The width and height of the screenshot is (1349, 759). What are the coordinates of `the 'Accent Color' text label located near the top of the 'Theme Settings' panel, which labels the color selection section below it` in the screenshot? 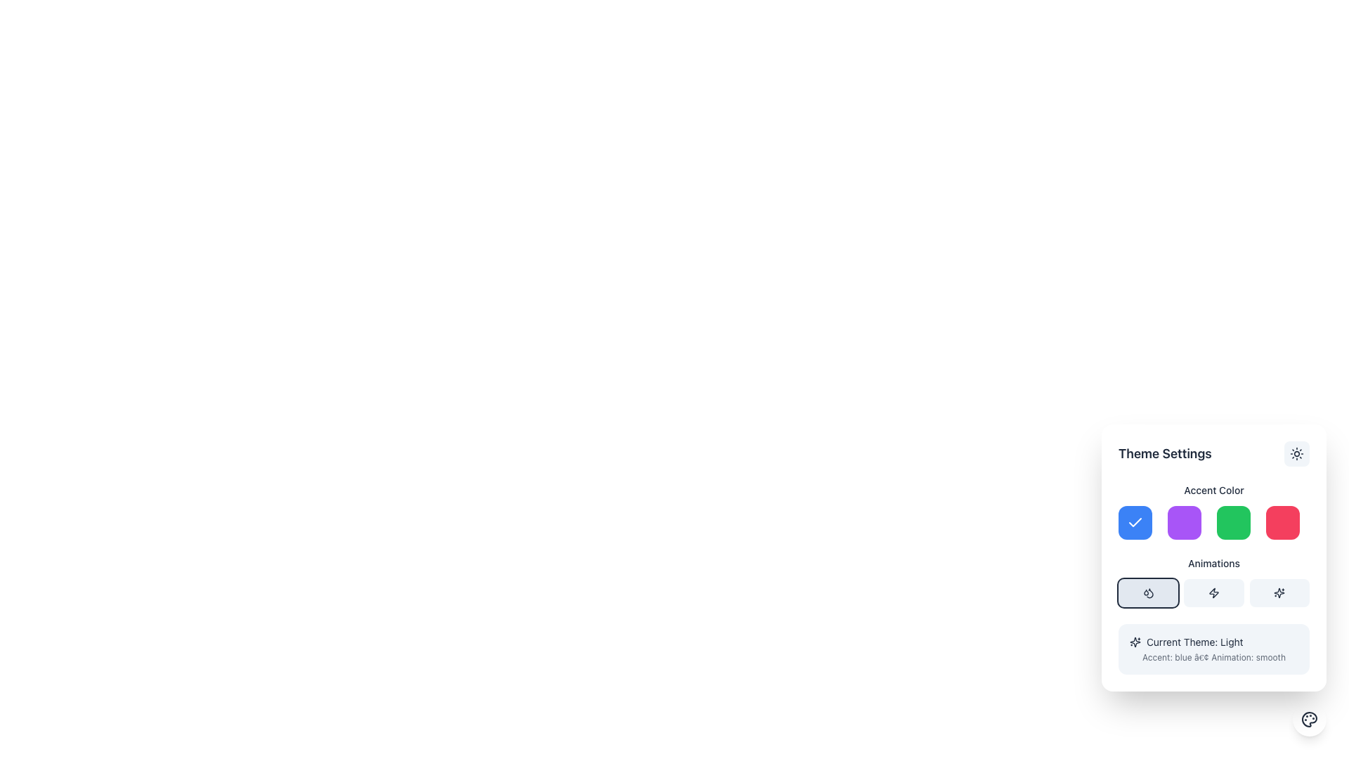 It's located at (1213, 490).